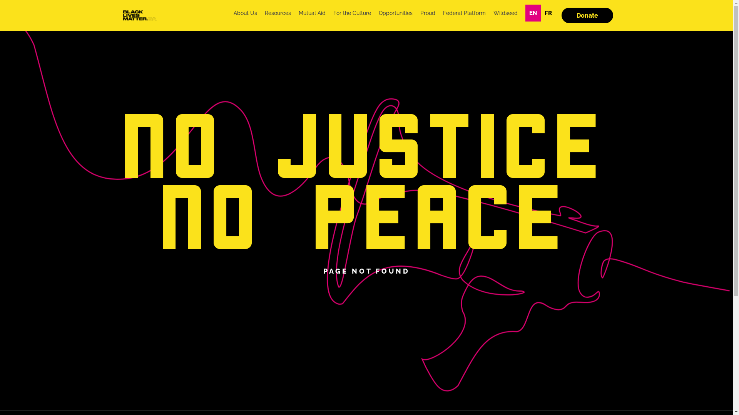  Describe the element at coordinates (262, 13) in the screenshot. I see `'Resources'` at that location.